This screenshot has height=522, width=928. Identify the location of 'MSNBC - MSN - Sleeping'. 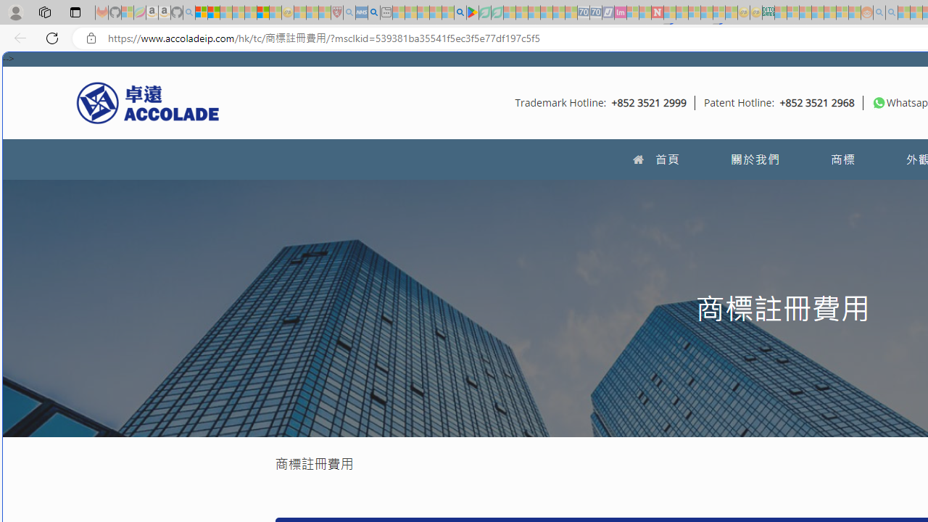
(780, 12).